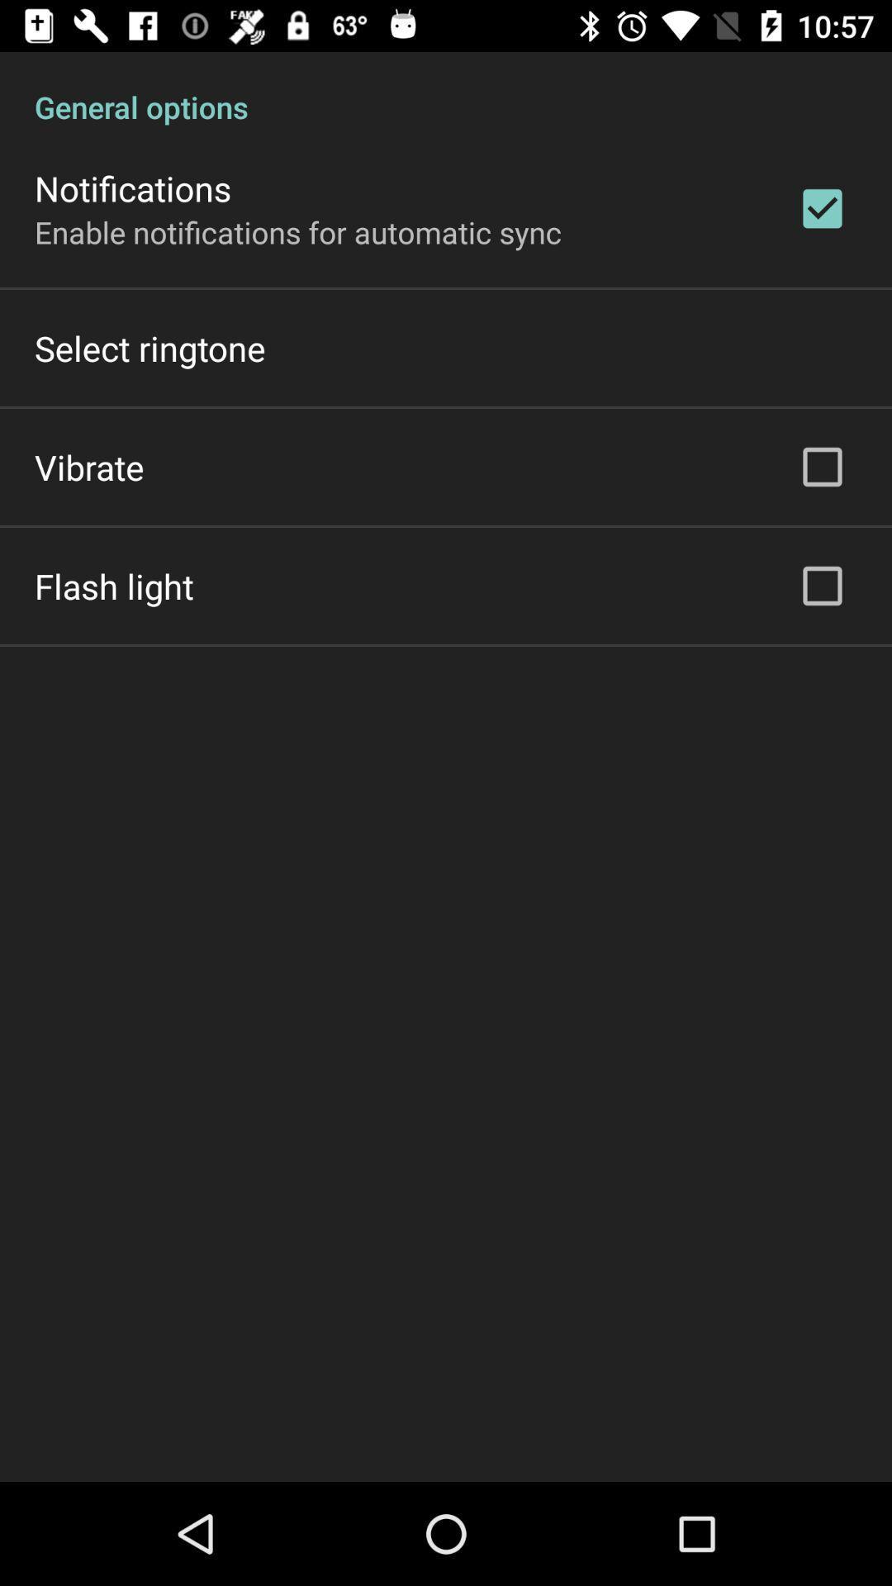 Image resolution: width=892 pixels, height=1586 pixels. What do you see at coordinates (113, 586) in the screenshot?
I see `the flash light on the left` at bounding box center [113, 586].